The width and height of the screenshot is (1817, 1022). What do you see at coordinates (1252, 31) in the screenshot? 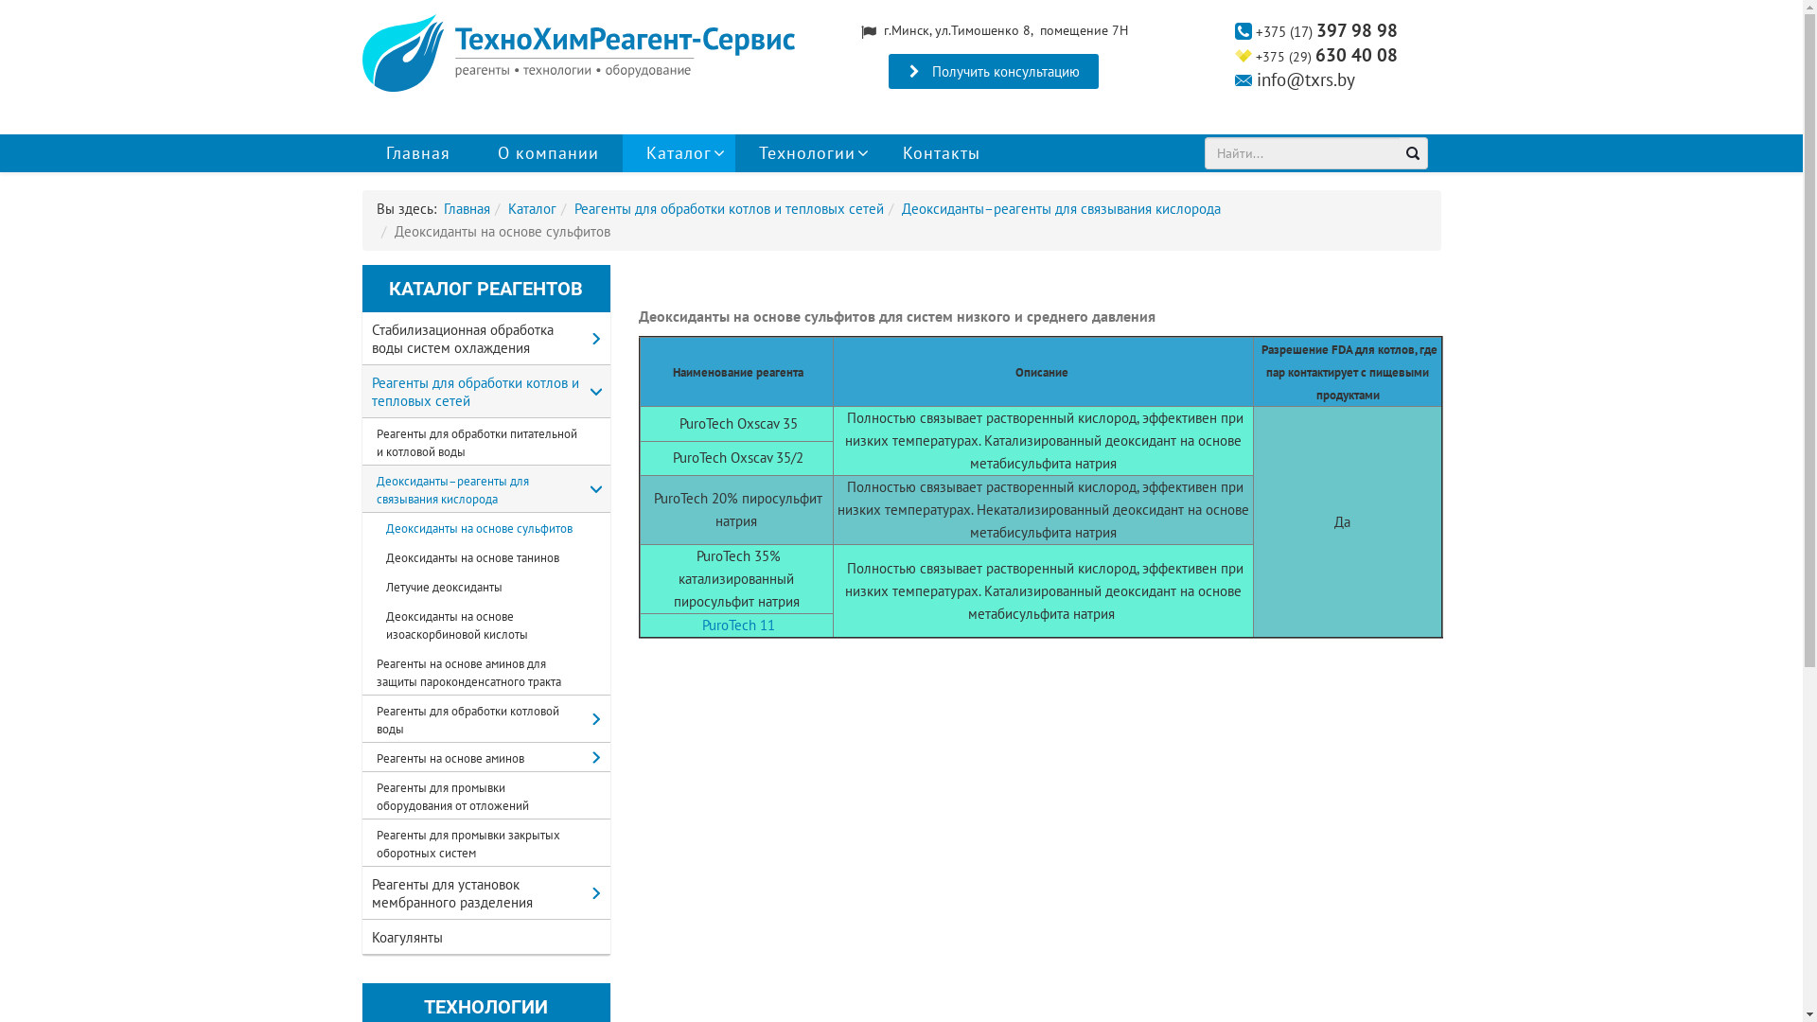
I see `' +375 (17) 397 98 98'` at bounding box center [1252, 31].